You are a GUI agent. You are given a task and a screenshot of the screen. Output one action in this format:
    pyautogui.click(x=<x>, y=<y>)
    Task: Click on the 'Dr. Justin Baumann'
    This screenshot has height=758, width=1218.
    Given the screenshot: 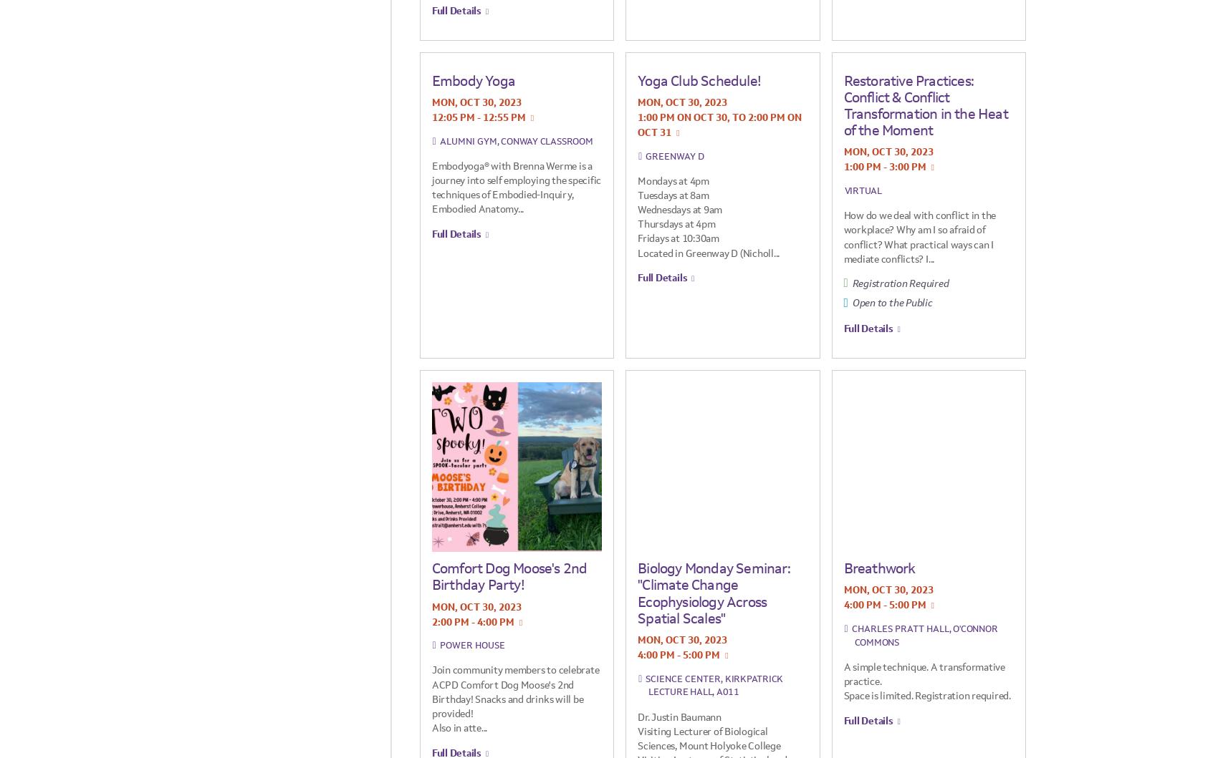 What is the action you would take?
    pyautogui.click(x=678, y=715)
    